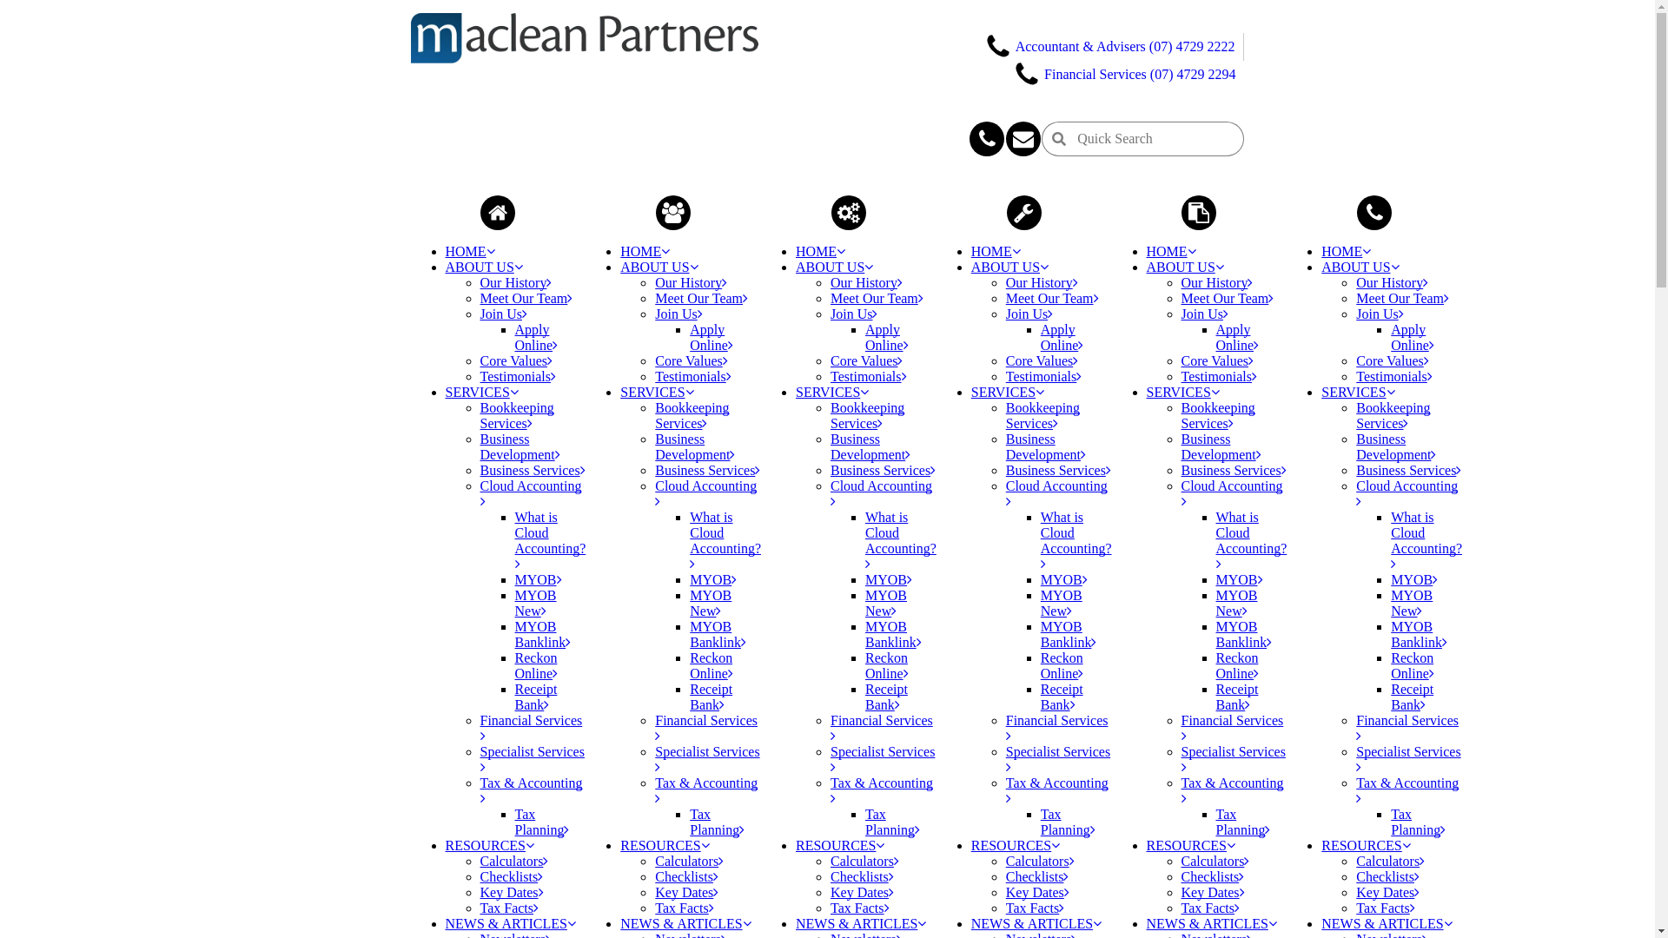  I want to click on 'NEWS & ARTICLES', so click(508, 922).